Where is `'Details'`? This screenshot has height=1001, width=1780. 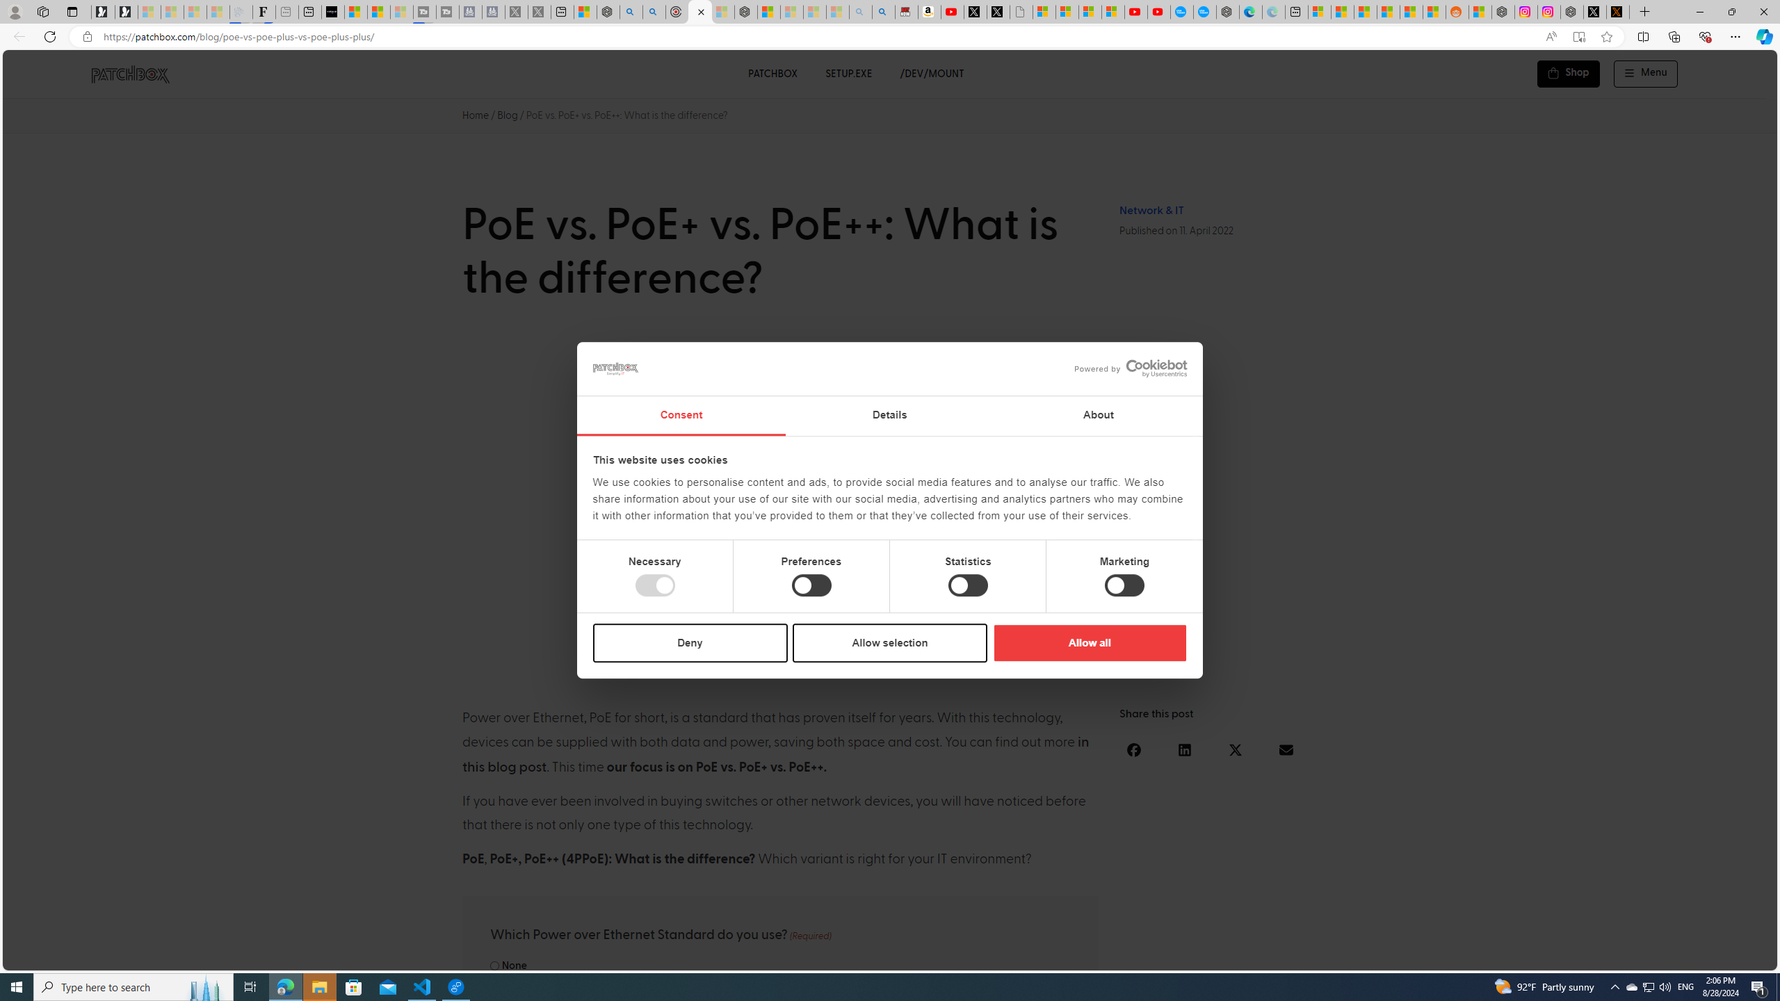 'Details' is located at coordinates (890, 416).